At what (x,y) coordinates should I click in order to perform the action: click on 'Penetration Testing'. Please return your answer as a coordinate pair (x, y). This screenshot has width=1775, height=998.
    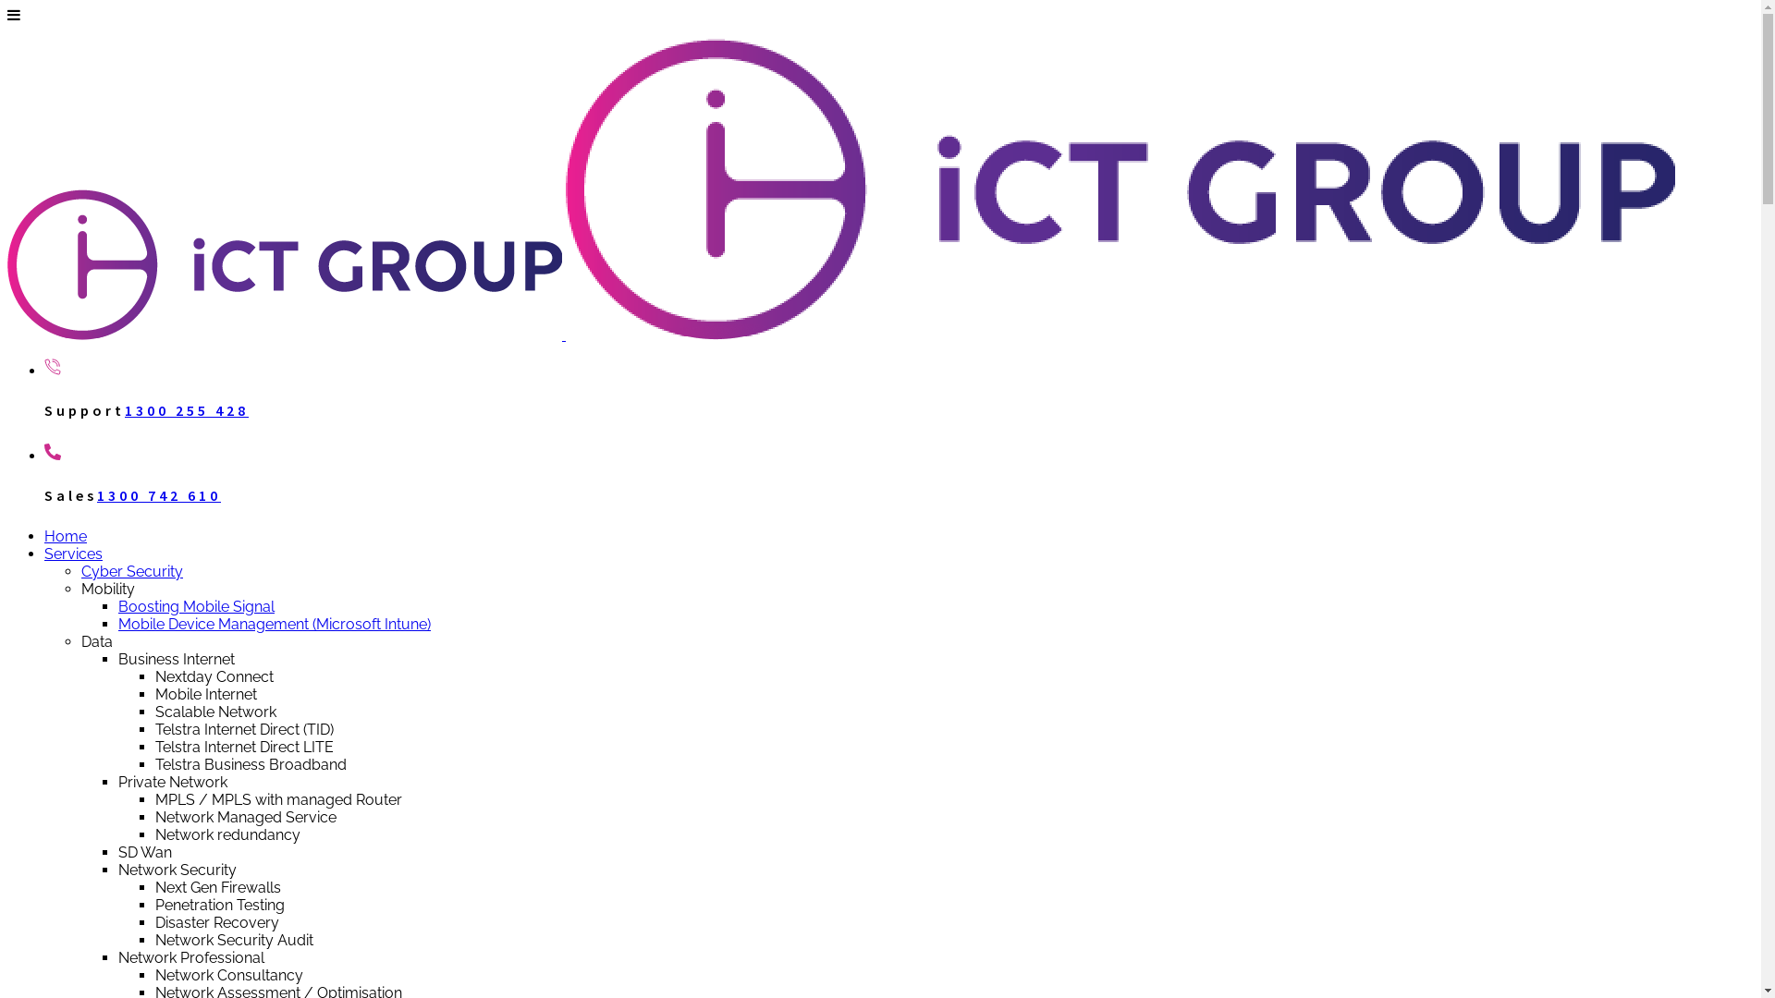
    Looking at the image, I should click on (220, 904).